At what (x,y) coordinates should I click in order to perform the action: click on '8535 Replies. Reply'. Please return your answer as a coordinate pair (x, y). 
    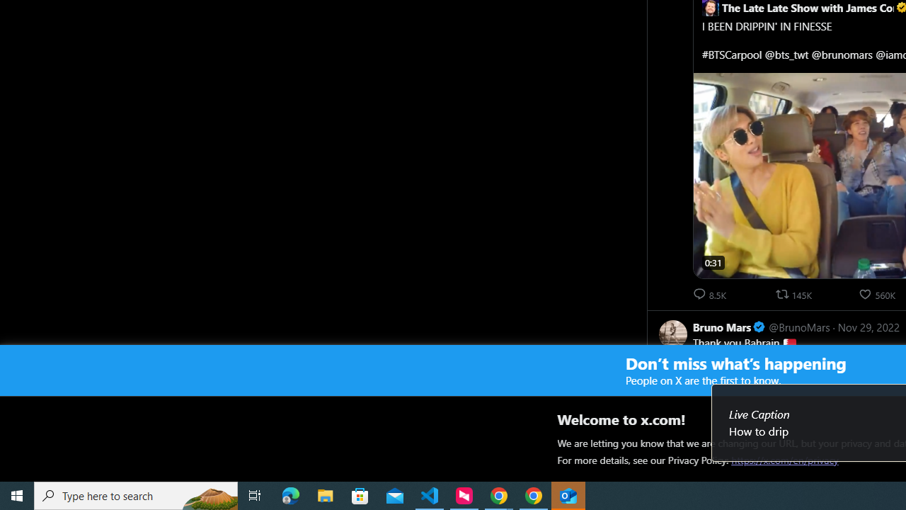
    Looking at the image, I should click on (711, 293).